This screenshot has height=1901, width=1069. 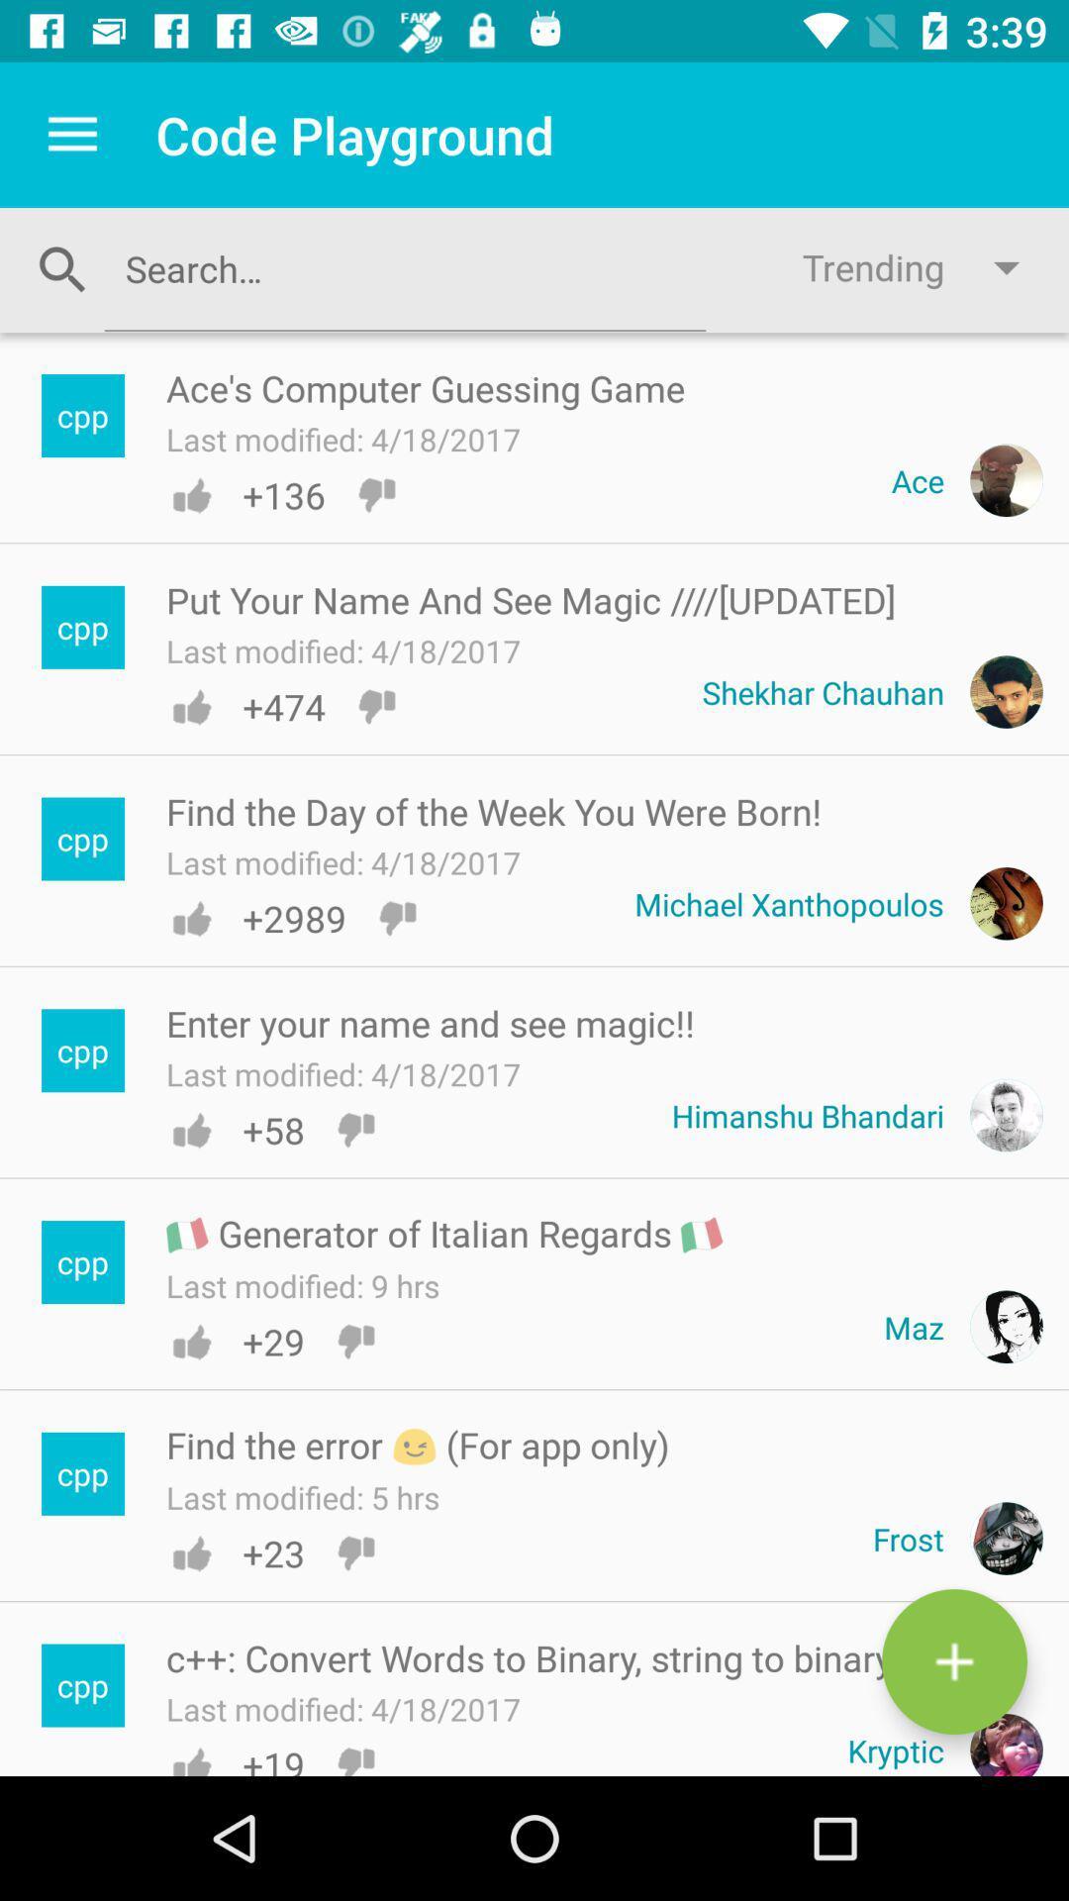 What do you see at coordinates (953, 1661) in the screenshot?
I see `button` at bounding box center [953, 1661].